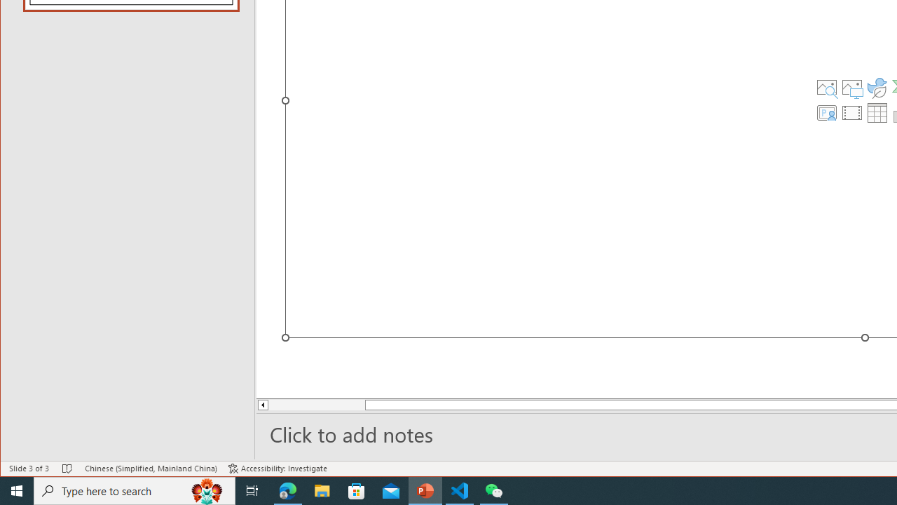 This screenshot has height=505, width=897. Describe the element at coordinates (826, 112) in the screenshot. I see `'Insert Cameo'` at that location.